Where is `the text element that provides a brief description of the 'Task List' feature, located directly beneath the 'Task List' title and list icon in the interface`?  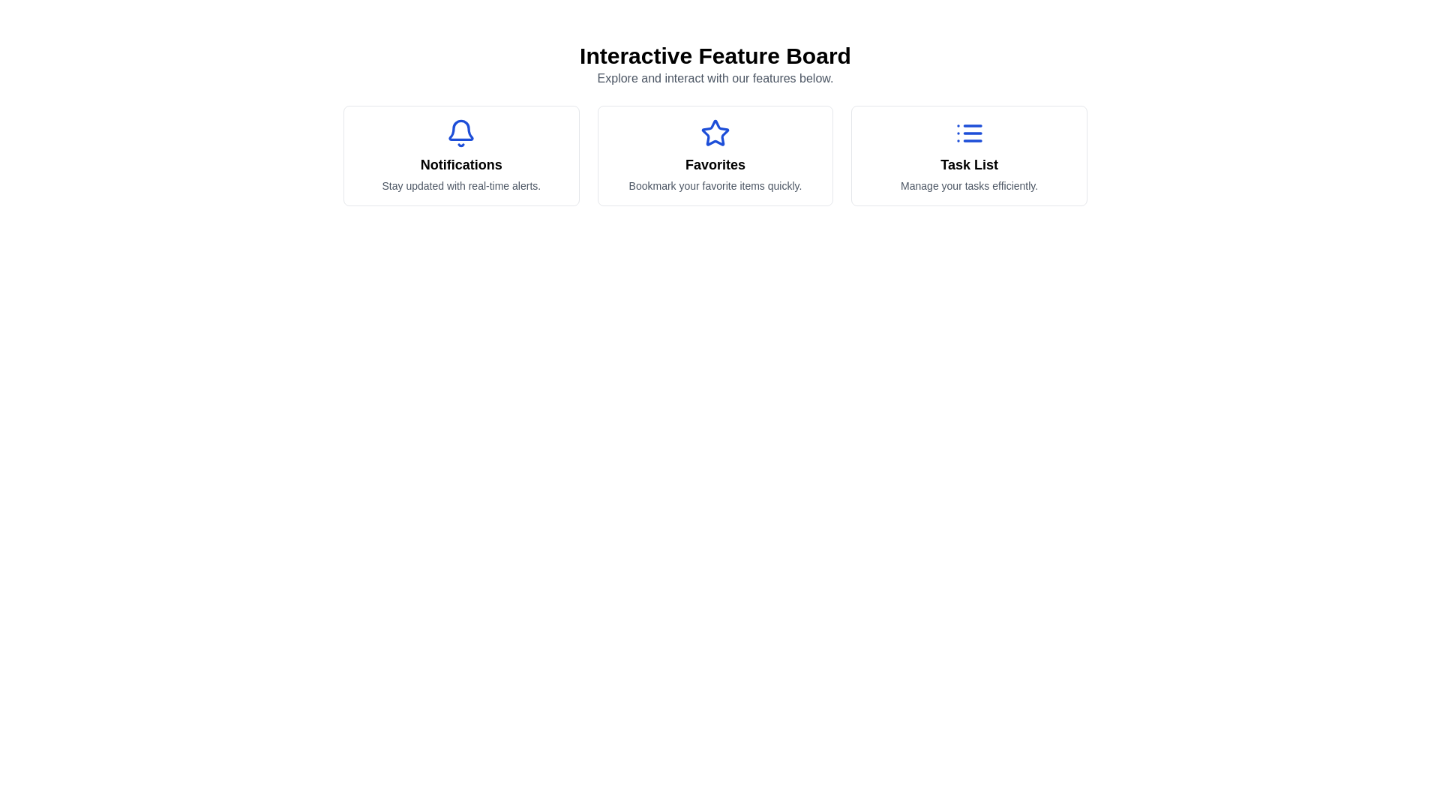
the text element that provides a brief description of the 'Task List' feature, located directly beneath the 'Task List' title and list icon in the interface is located at coordinates (969, 184).